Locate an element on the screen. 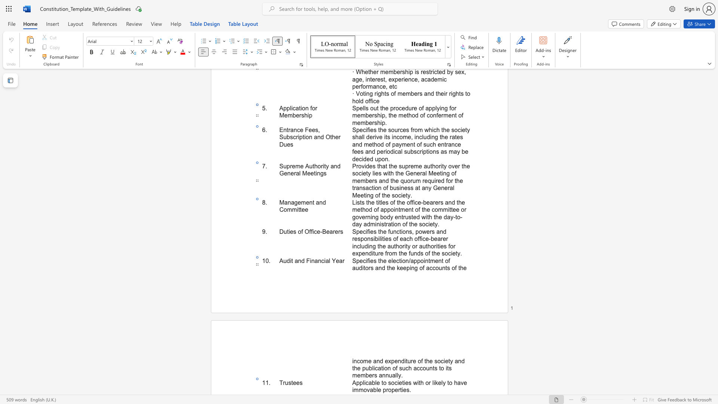 The height and width of the screenshot is (404, 718). the 3th character "m" in the text is located at coordinates (363, 375).